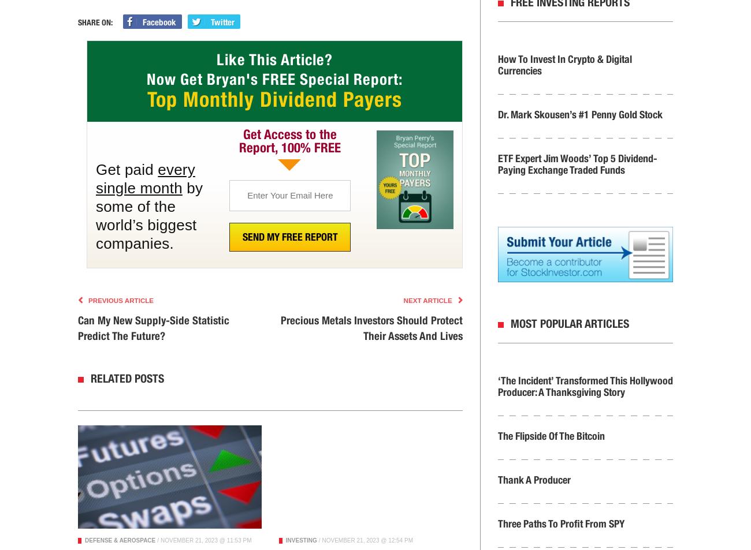 This screenshot has width=751, height=550. What do you see at coordinates (126, 169) in the screenshot?
I see `'Get paid'` at bounding box center [126, 169].